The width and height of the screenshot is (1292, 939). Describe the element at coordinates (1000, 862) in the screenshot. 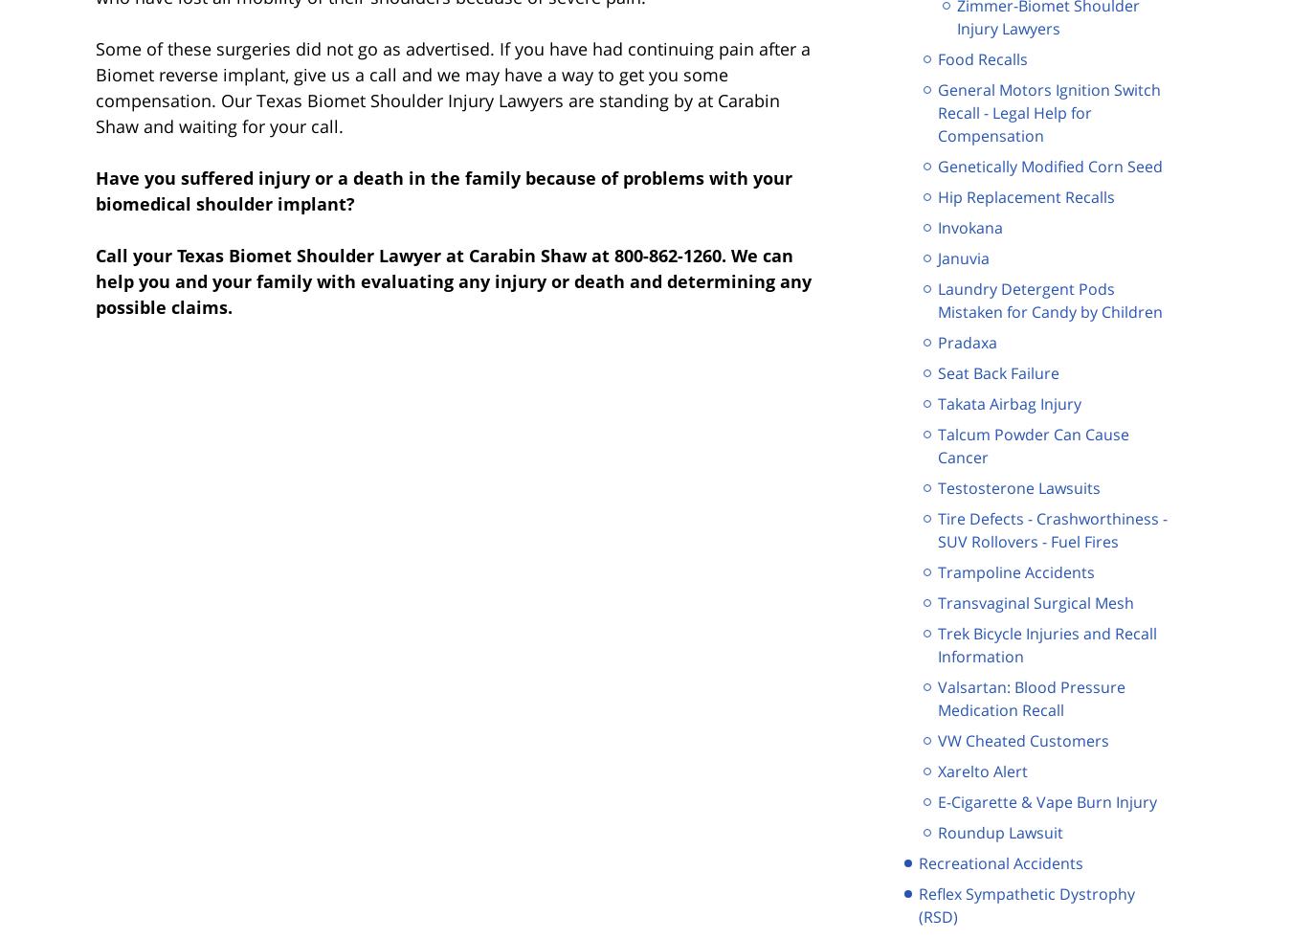

I see `'Recreational Accidents'` at that location.